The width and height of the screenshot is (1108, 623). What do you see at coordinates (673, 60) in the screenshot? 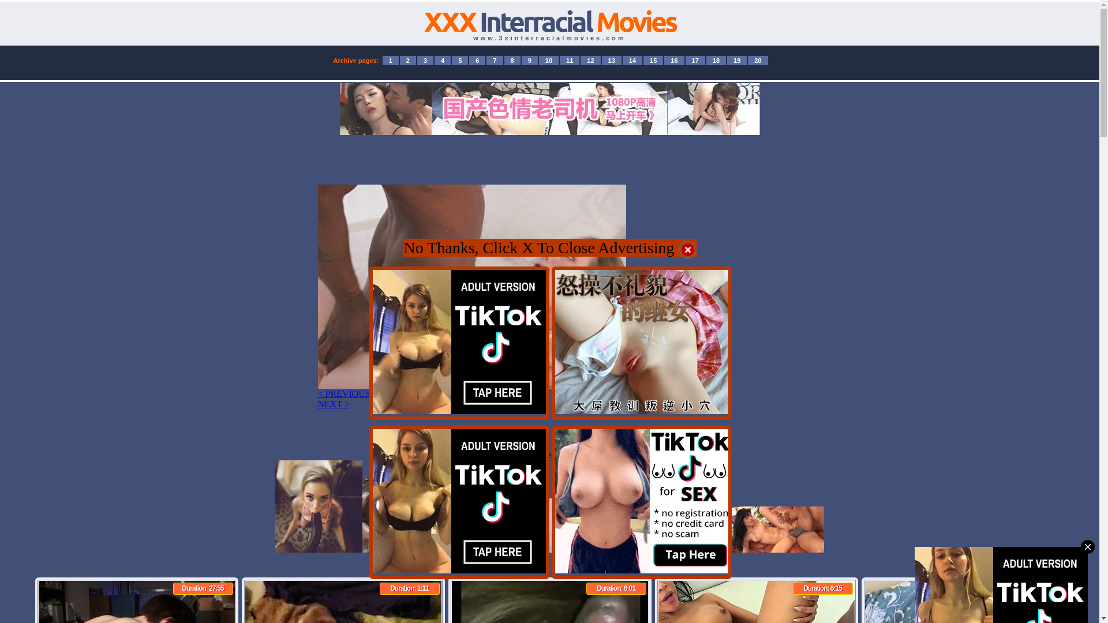
I see `'16'` at bounding box center [673, 60].